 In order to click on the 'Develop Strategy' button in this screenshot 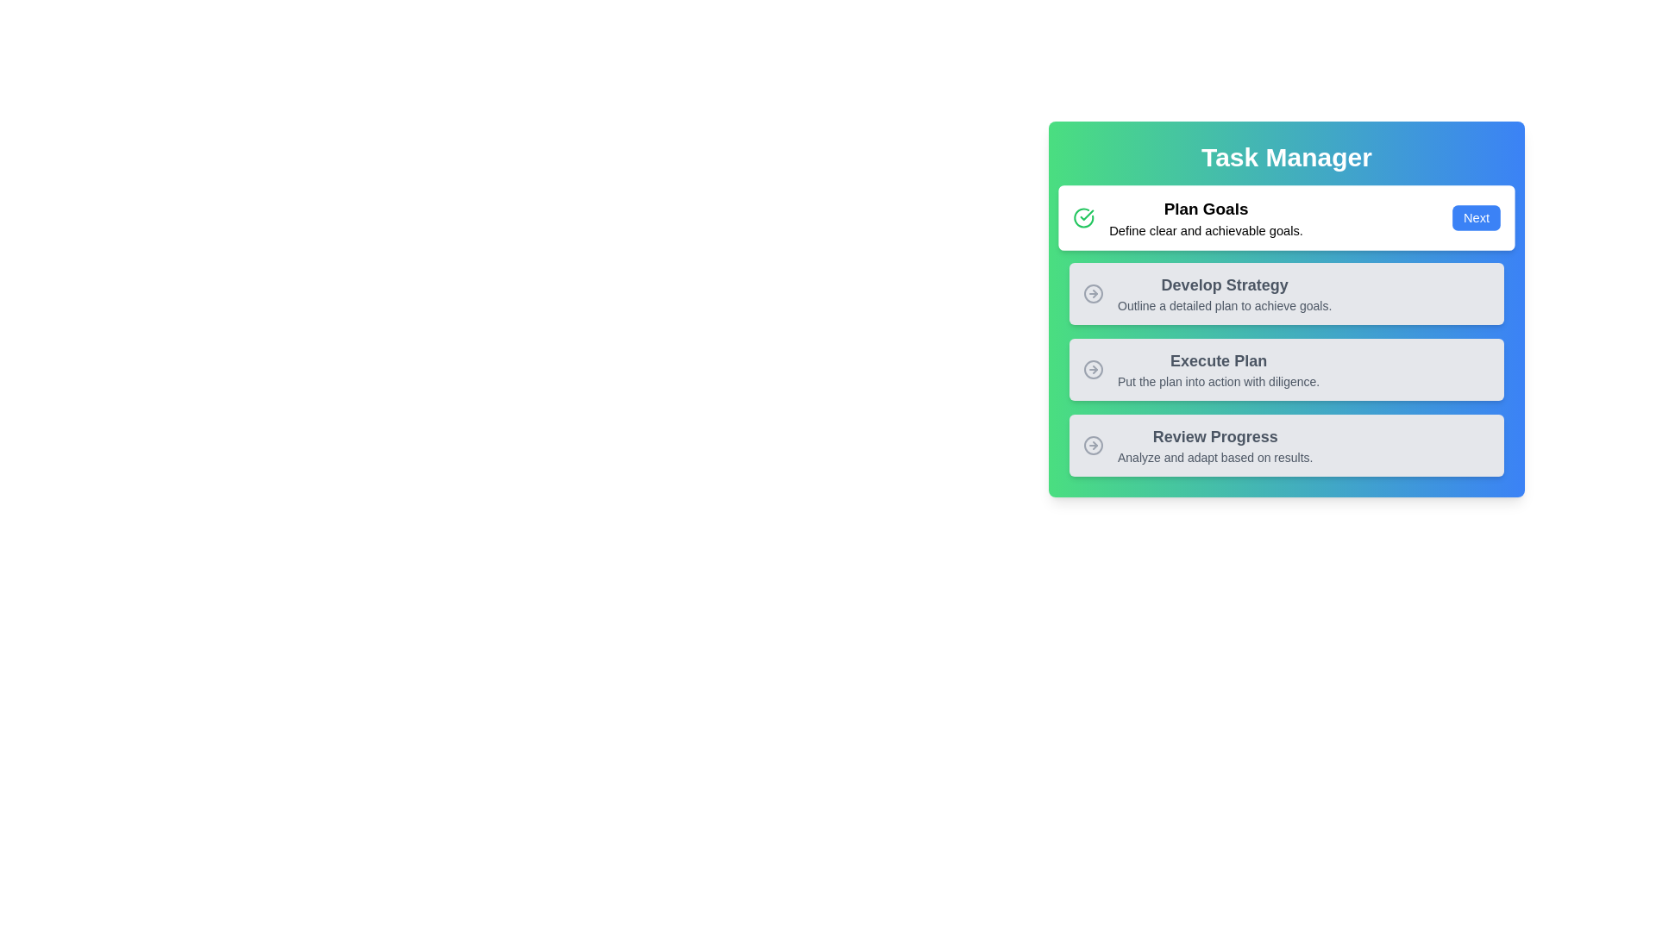, I will do `click(1207, 292)`.